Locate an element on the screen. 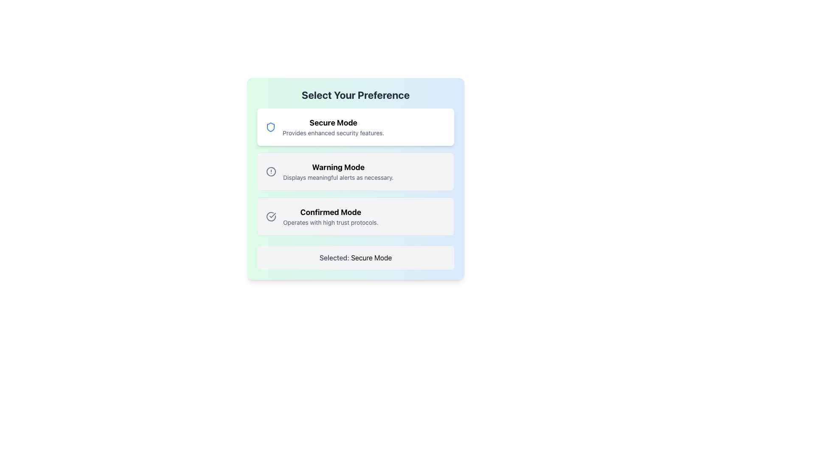  the static text label that serves as the title for the 'Secure Mode' option, located at the top of its option box is located at coordinates (333, 123).